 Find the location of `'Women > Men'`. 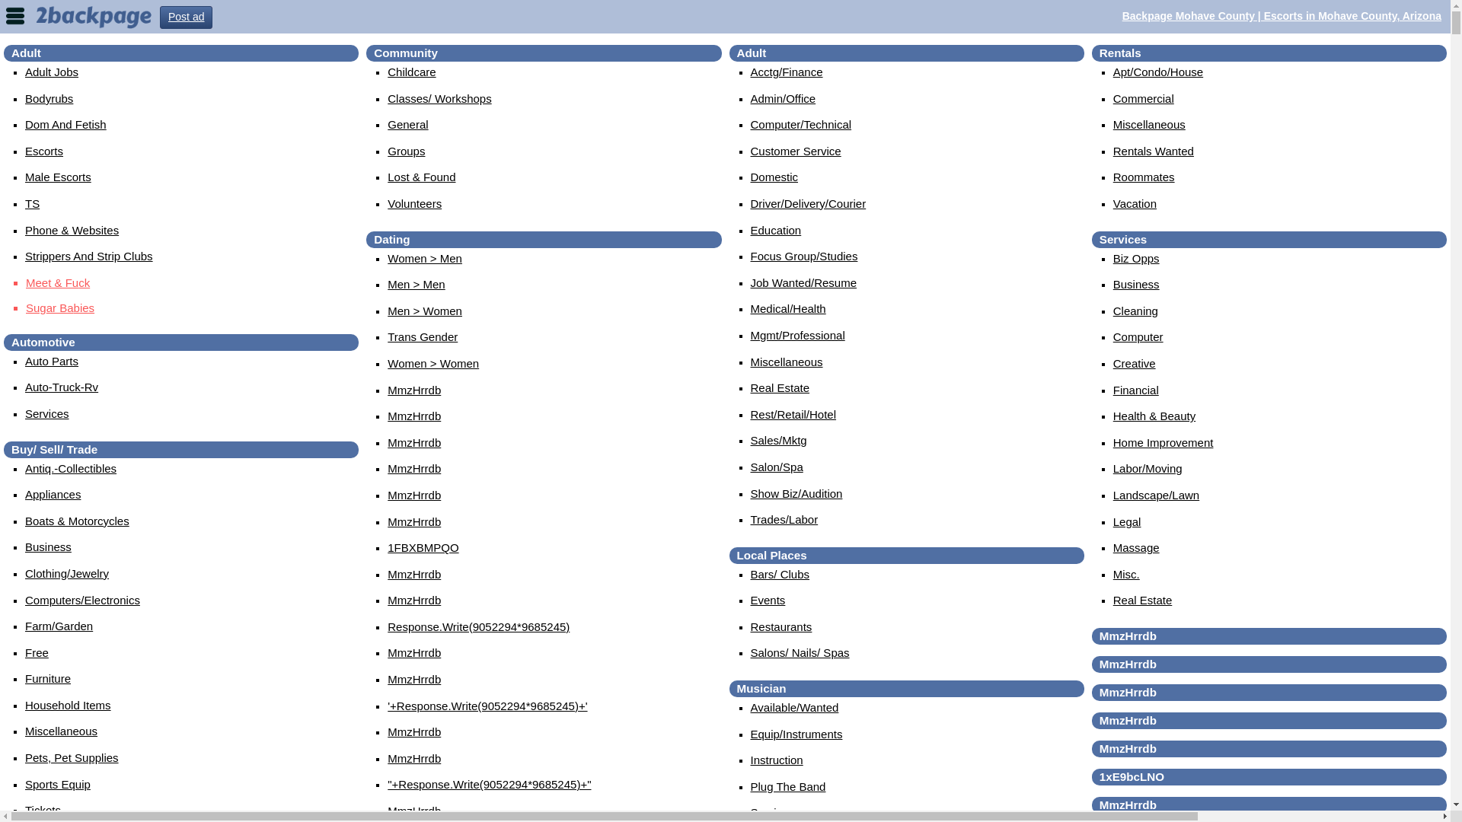

'Women > Men' is located at coordinates (424, 257).